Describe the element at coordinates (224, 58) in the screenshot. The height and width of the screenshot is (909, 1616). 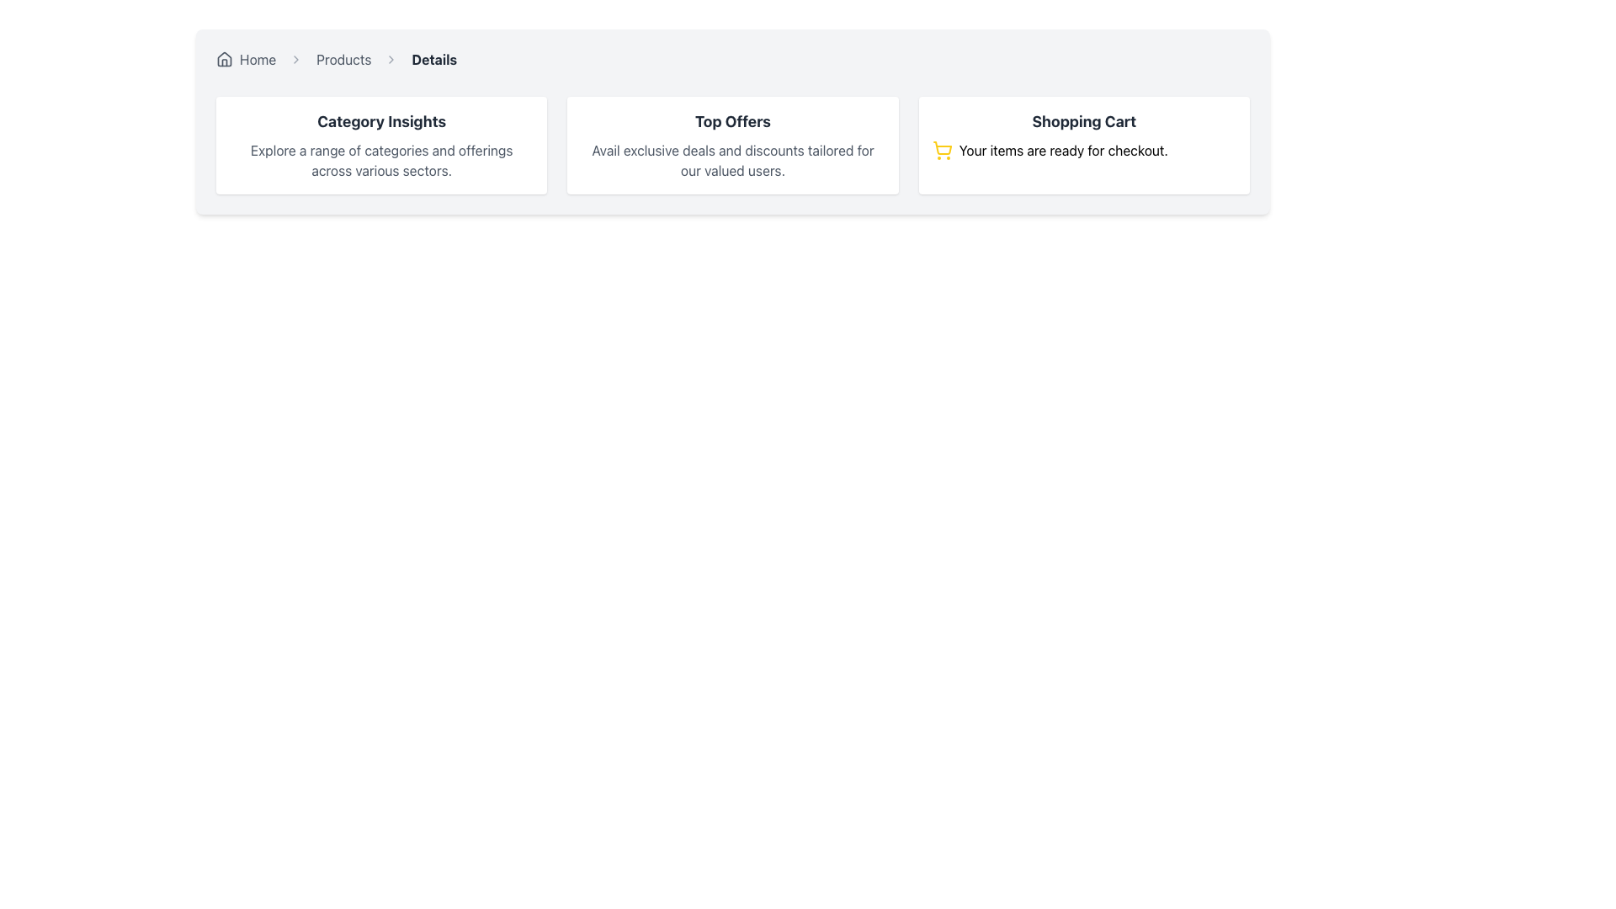
I see `the 'Home' icon located near the top-left corner of the interface` at that location.